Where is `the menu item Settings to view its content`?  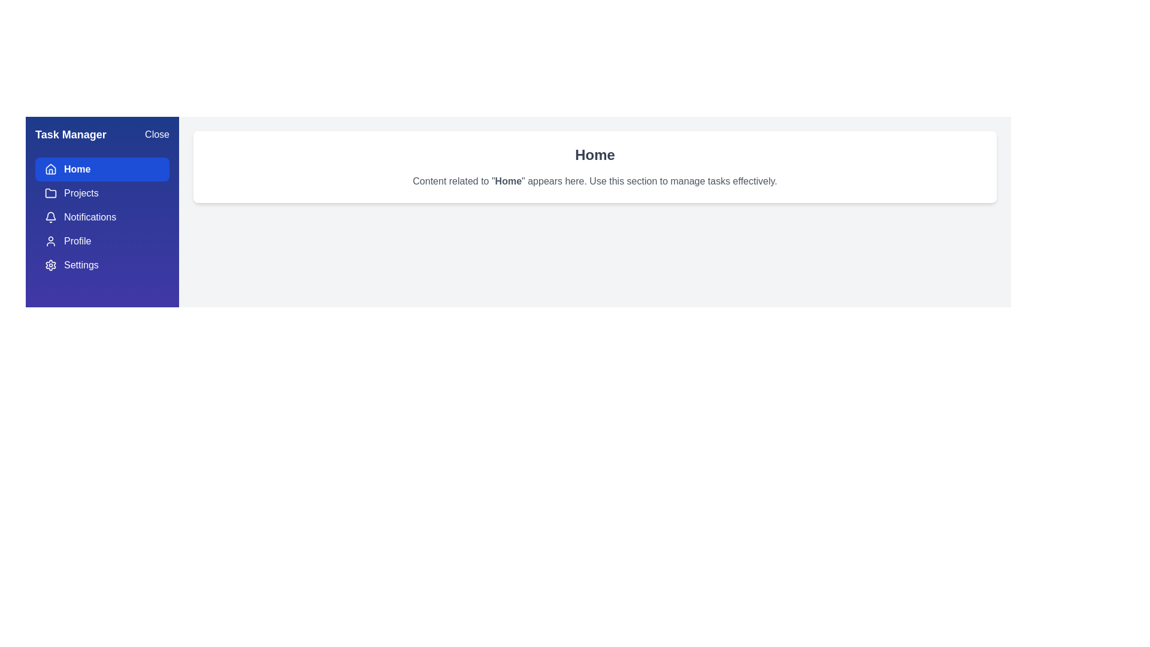 the menu item Settings to view its content is located at coordinates (102, 265).